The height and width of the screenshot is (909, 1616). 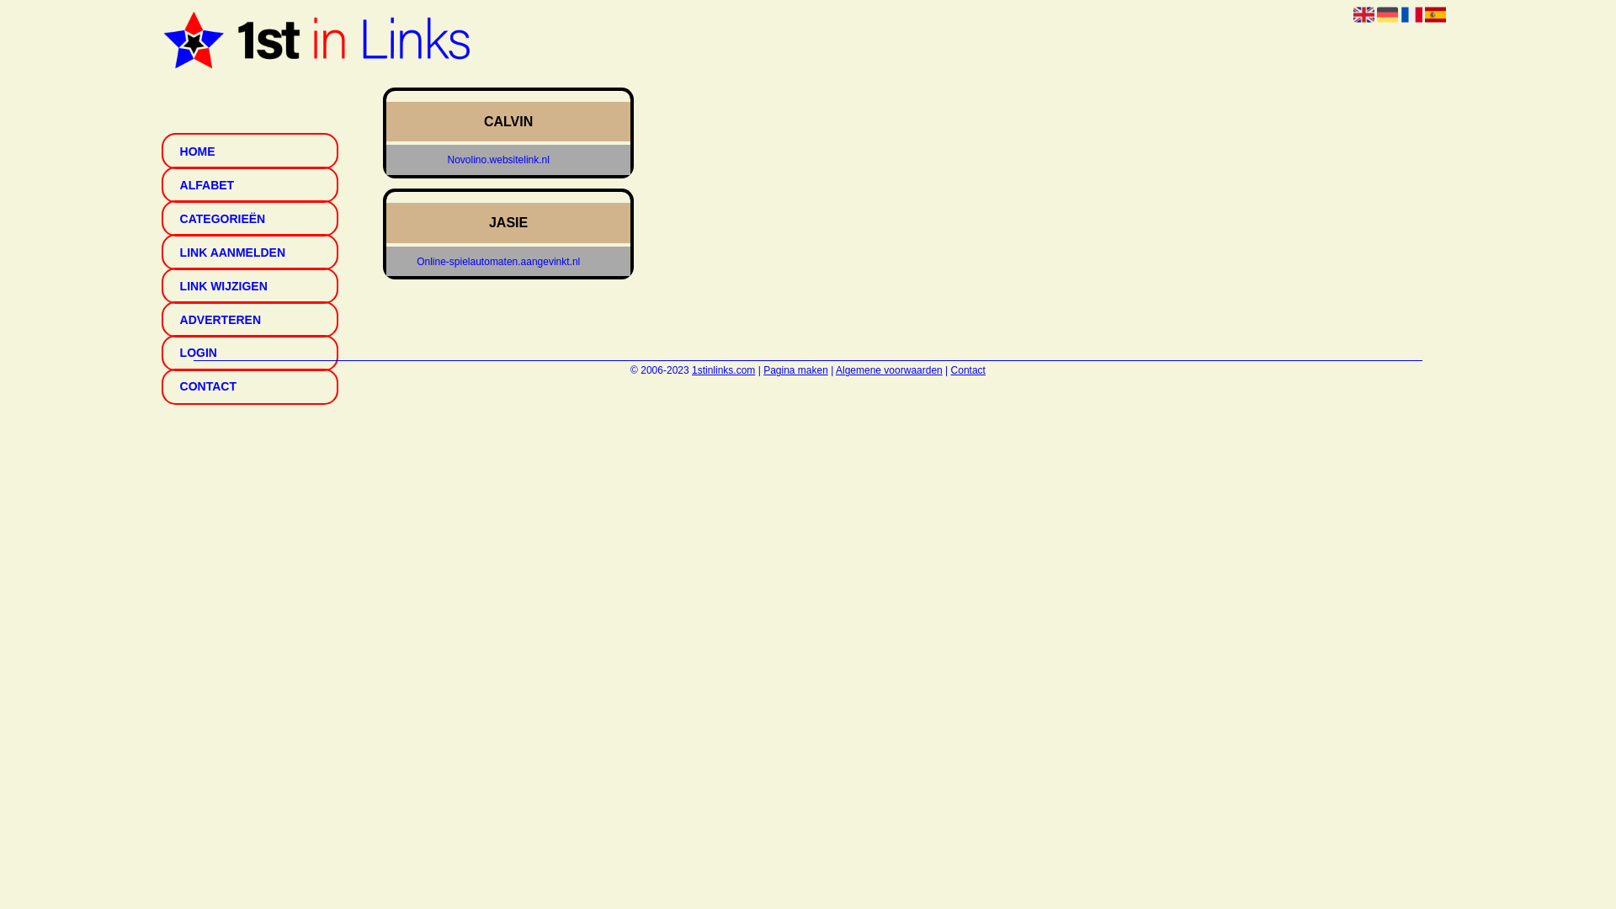 What do you see at coordinates (249, 150) in the screenshot?
I see `'HOME'` at bounding box center [249, 150].